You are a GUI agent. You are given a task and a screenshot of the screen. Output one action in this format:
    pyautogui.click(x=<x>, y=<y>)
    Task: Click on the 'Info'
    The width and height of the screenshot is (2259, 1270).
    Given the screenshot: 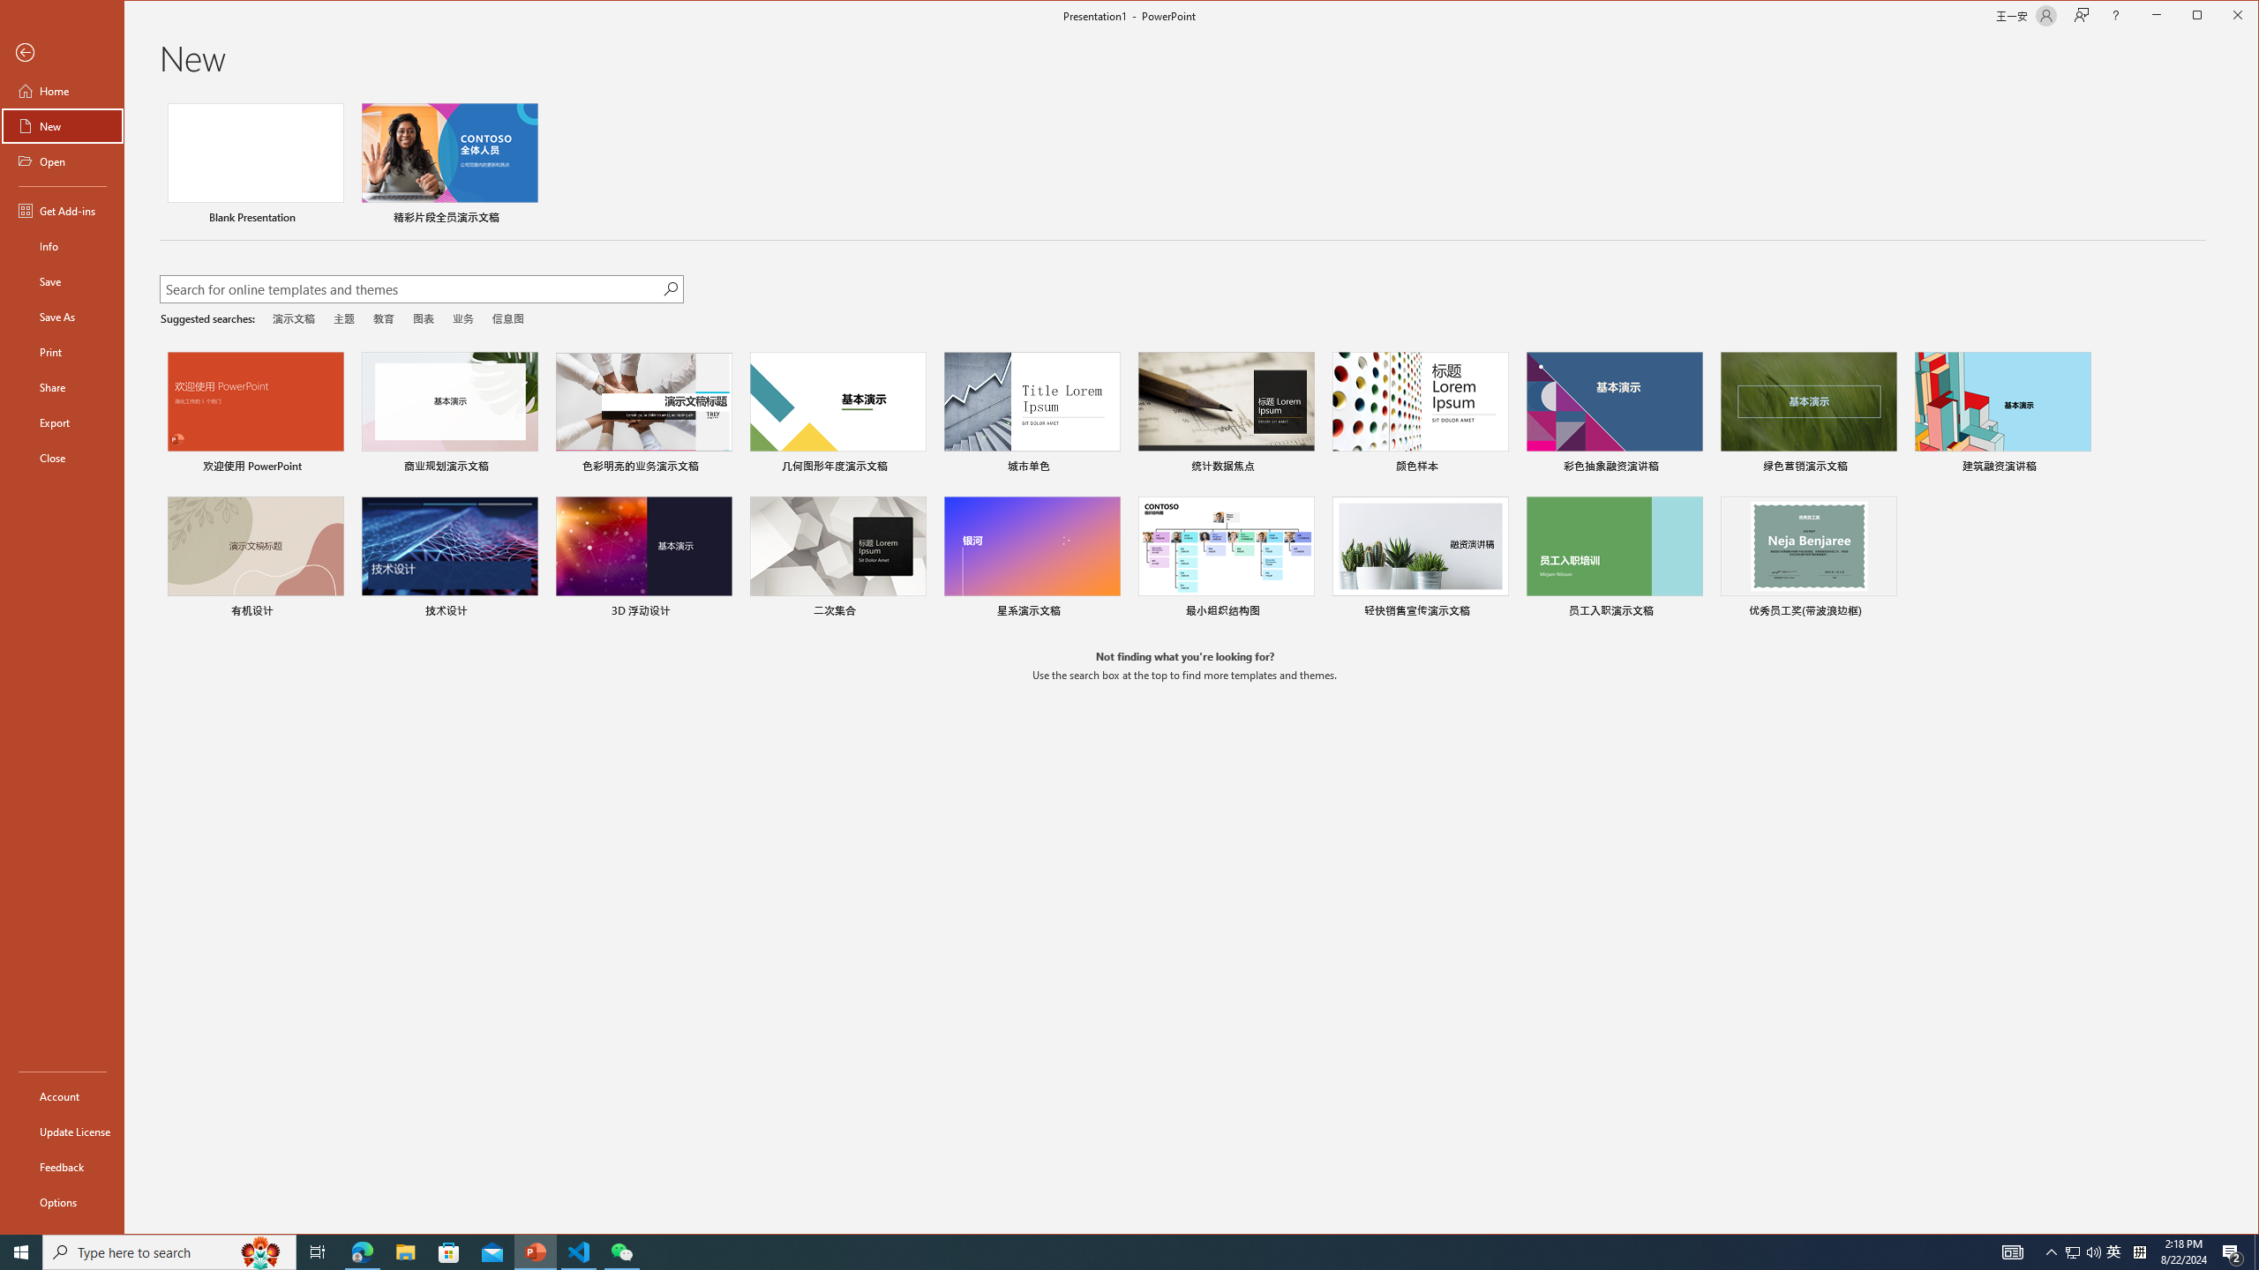 What is the action you would take?
    pyautogui.click(x=61, y=246)
    